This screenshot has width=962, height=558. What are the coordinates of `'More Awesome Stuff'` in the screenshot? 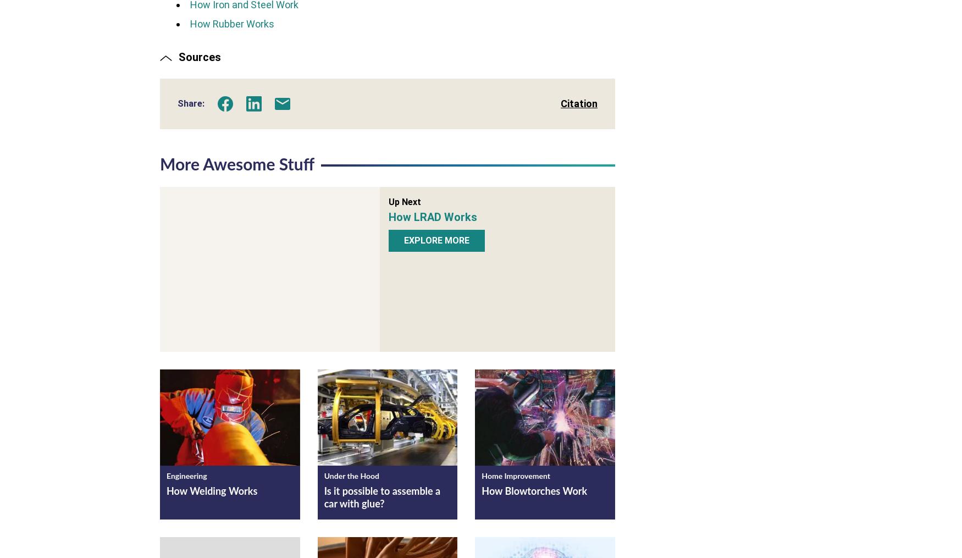 It's located at (236, 164).